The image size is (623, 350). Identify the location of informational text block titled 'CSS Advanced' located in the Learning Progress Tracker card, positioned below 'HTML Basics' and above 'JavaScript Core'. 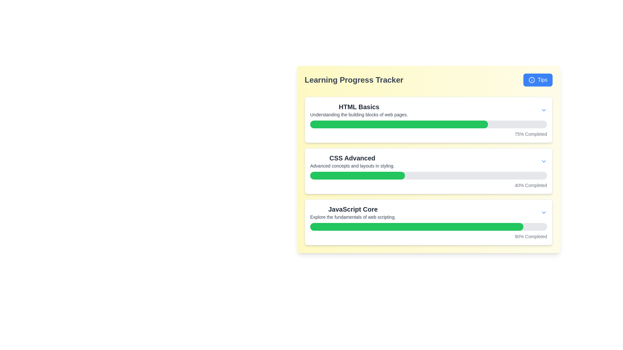
(352, 161).